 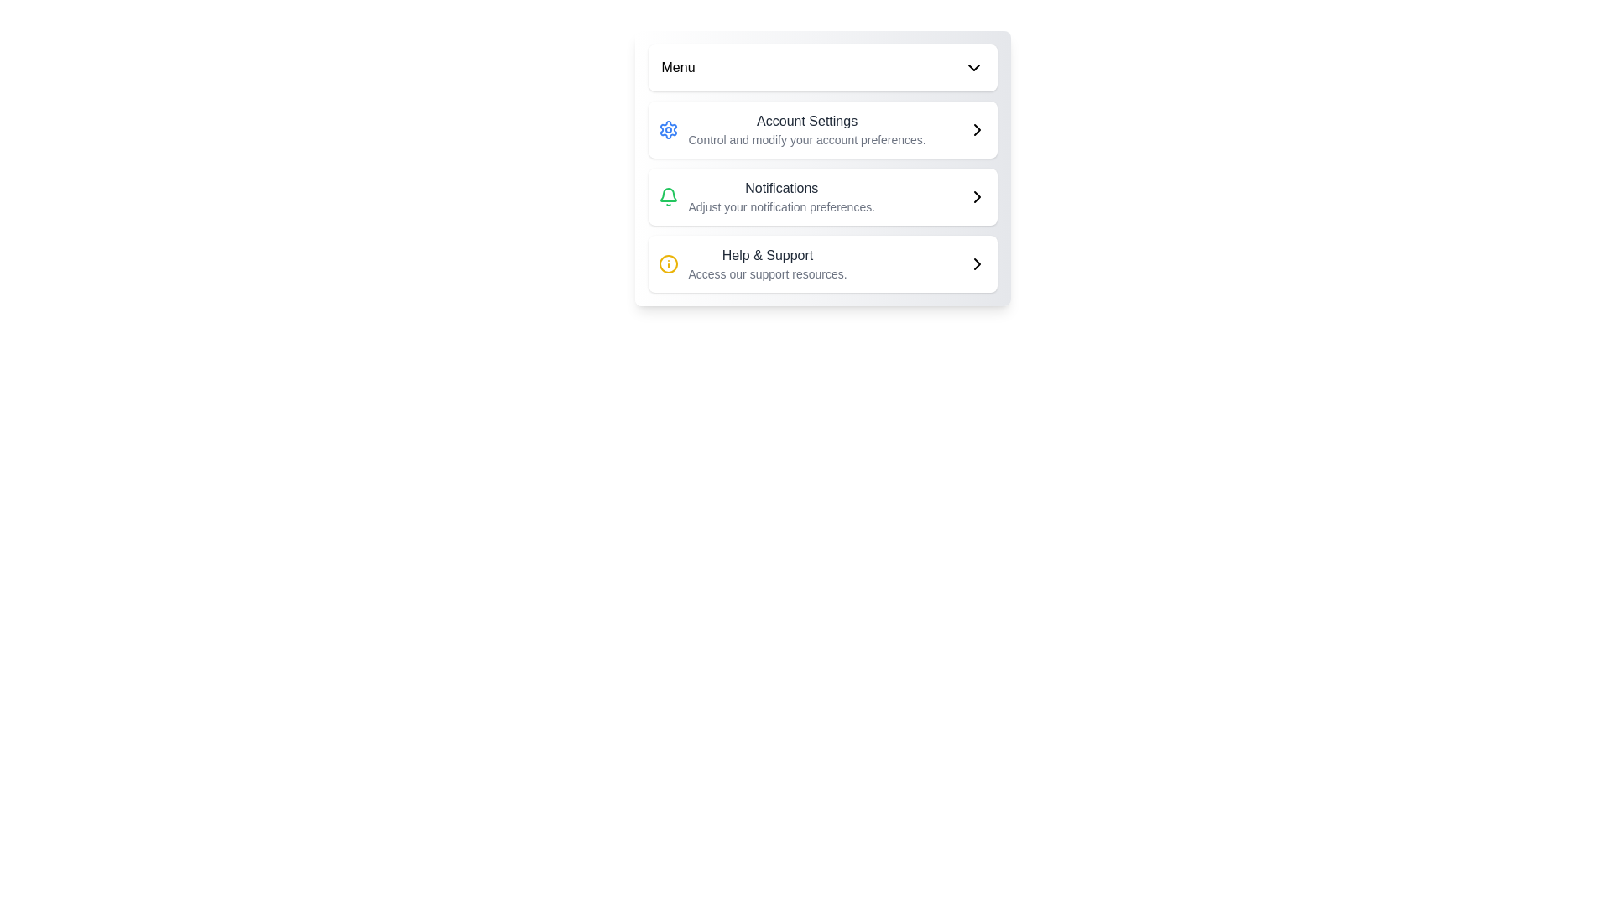 What do you see at coordinates (822, 196) in the screenshot?
I see `the 'Notifications' button, which features a bell icon on the left and a chevron on the right, located` at bounding box center [822, 196].